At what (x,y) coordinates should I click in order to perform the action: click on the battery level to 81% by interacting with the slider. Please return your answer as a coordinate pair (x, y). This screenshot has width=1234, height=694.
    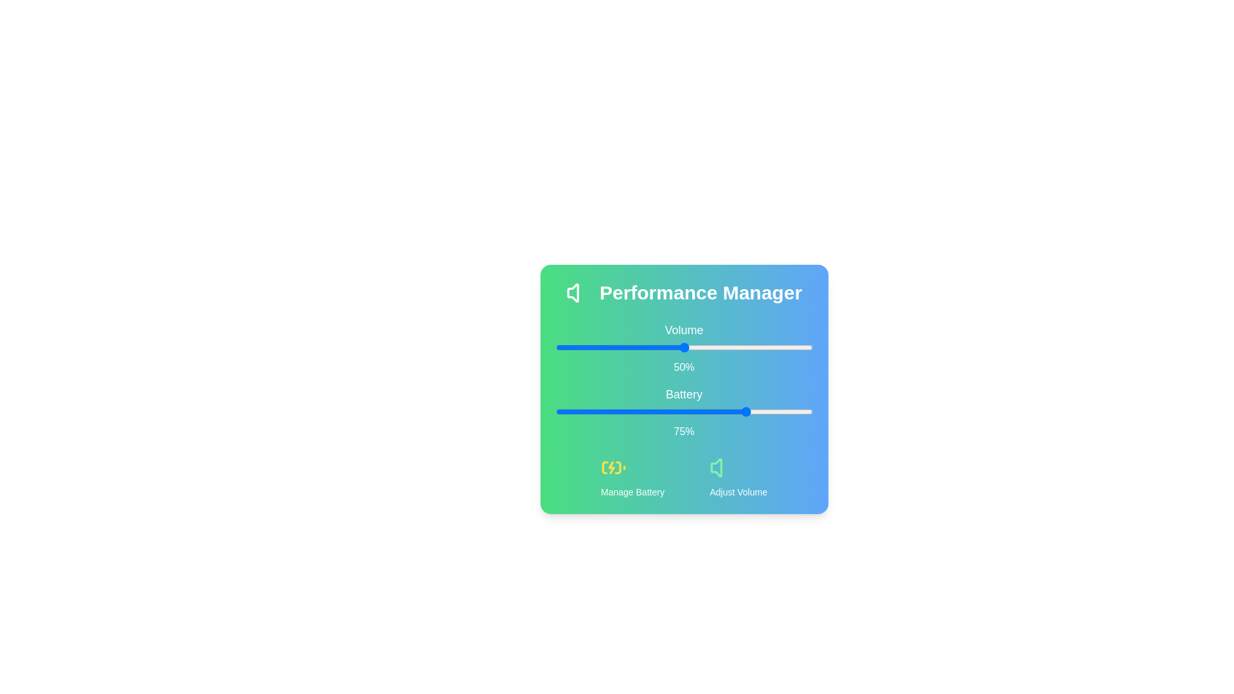
    Looking at the image, I should click on (764, 411).